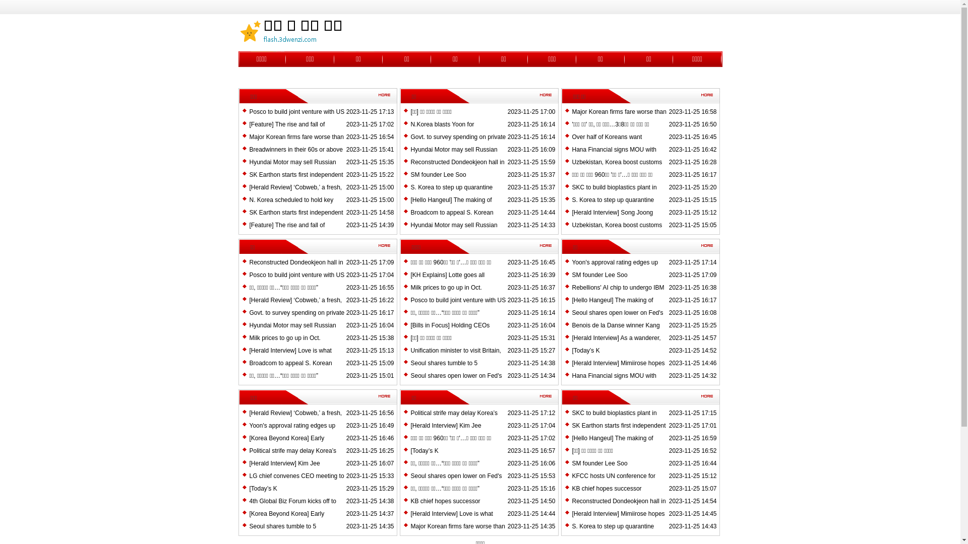  I want to click on 'Milk prices to go up in Oct.', so click(445, 287).